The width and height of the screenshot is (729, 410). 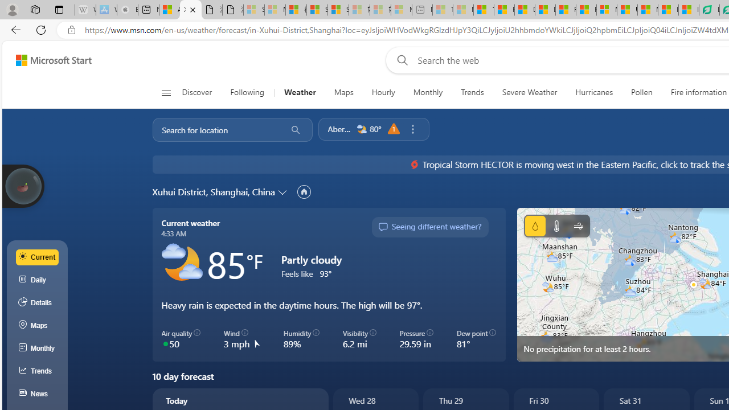 I want to click on 'Top Stories - MSN - Sleeping', so click(x=442, y=10).